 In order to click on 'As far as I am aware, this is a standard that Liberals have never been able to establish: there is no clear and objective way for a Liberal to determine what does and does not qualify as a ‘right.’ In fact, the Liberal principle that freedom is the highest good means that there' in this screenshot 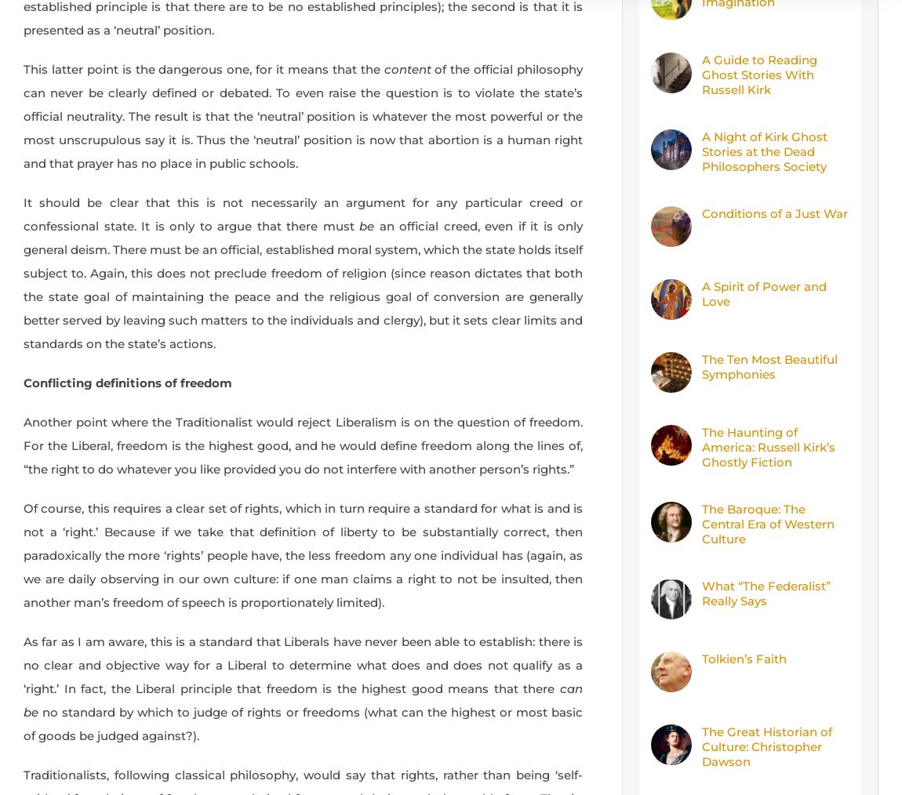, I will do `click(23, 663)`.